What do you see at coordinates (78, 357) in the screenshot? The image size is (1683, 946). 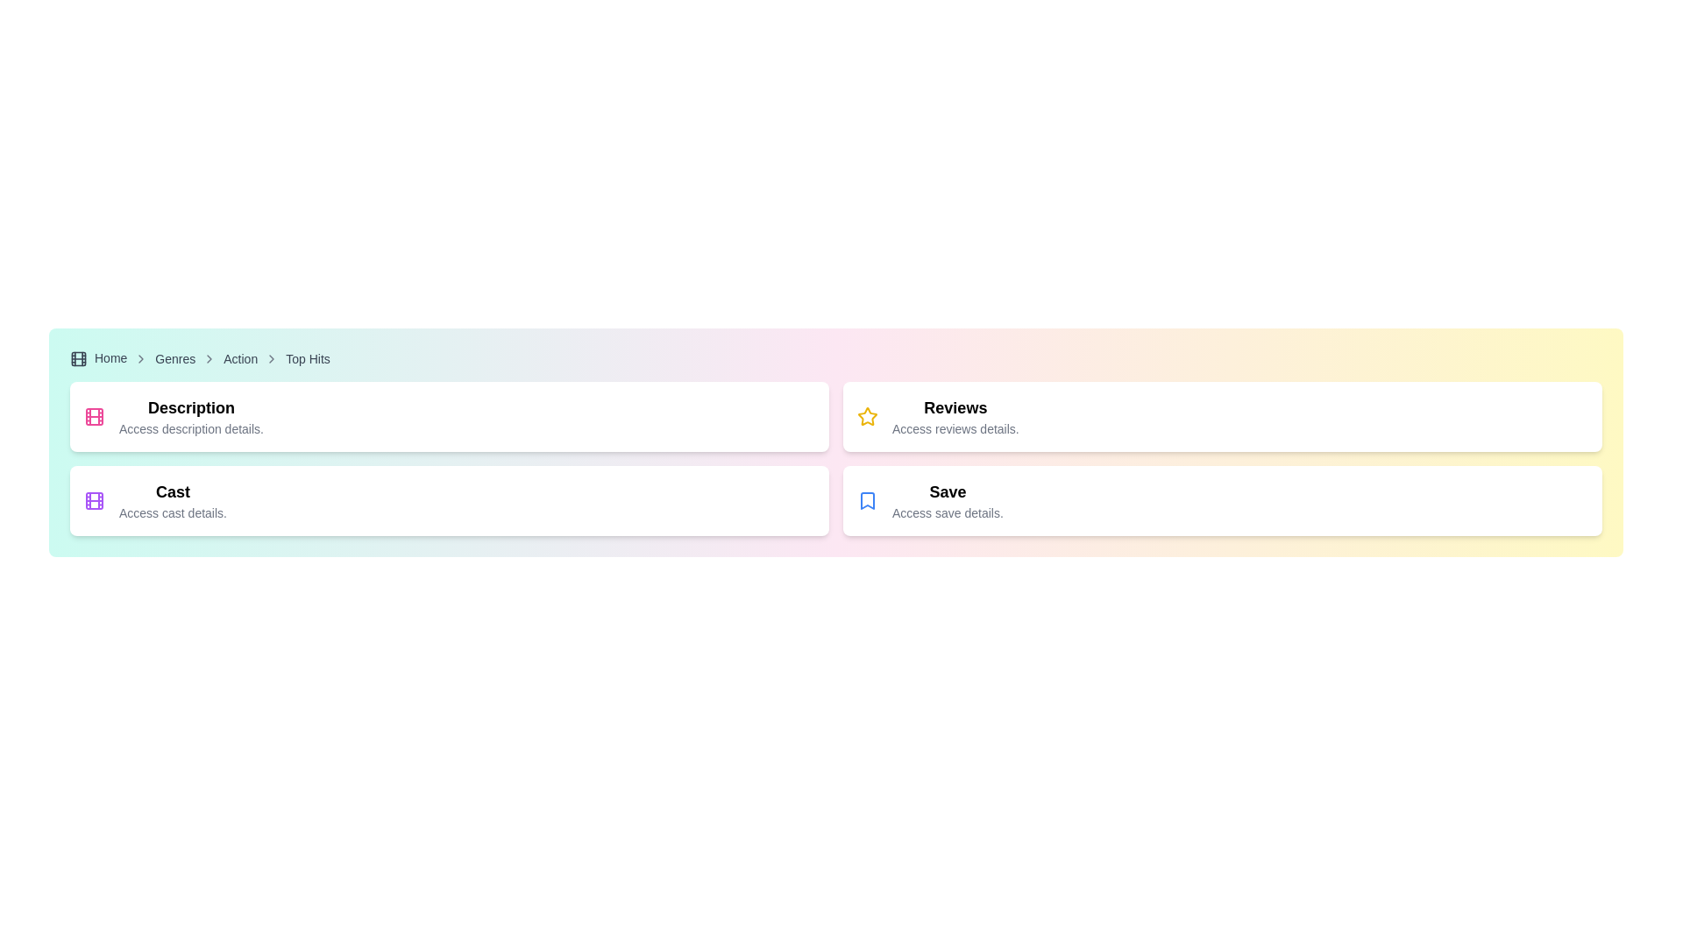 I see `the film strip icon located at the beginning of the breadcrumb navigation bar` at bounding box center [78, 357].